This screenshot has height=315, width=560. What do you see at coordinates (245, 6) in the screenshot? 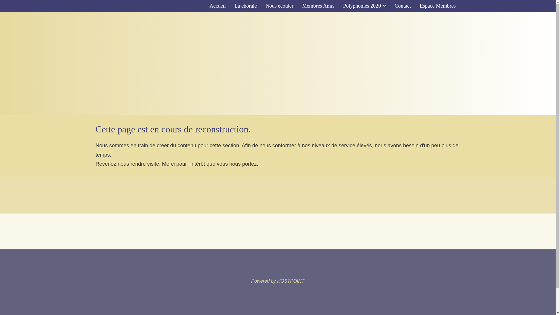
I see `'La chorale'` at bounding box center [245, 6].